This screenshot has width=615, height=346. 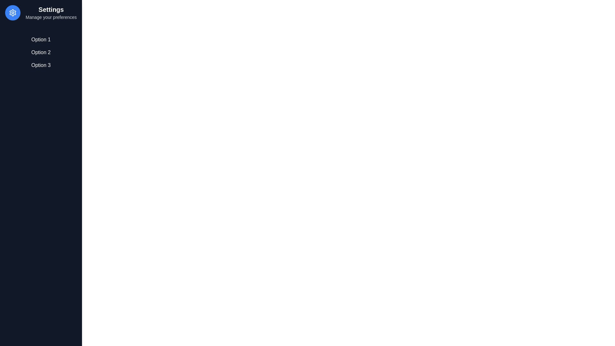 I want to click on the first navigational list item in the sidebar, which contains an icon and text indicating settings options, so click(x=41, y=12).